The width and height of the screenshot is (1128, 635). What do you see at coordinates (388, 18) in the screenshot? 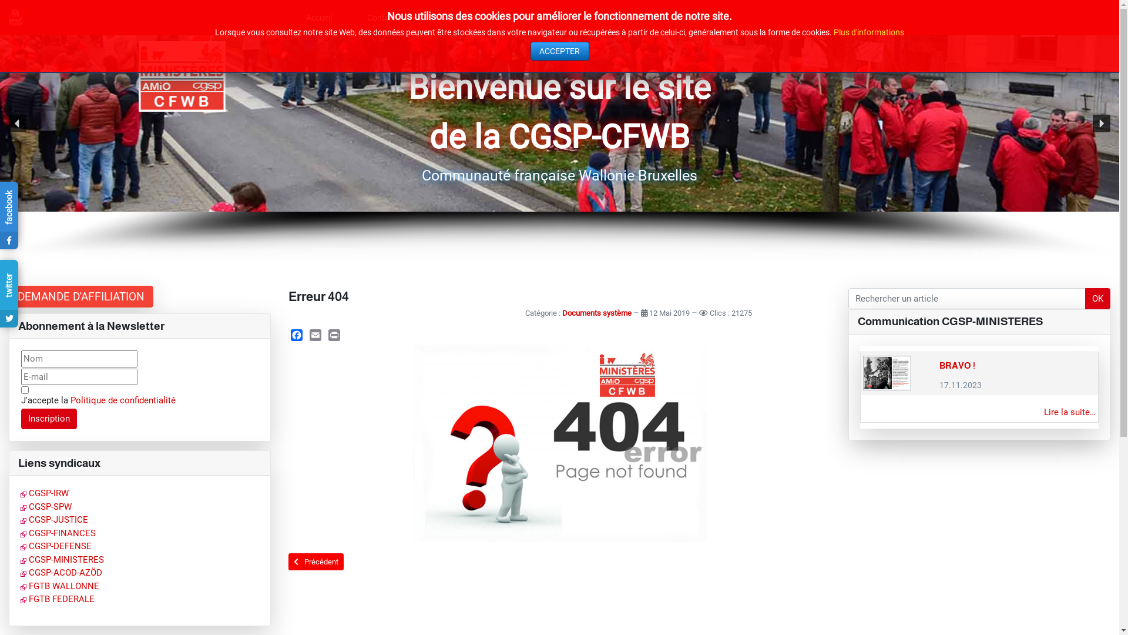
I see `'Contact'` at bounding box center [388, 18].